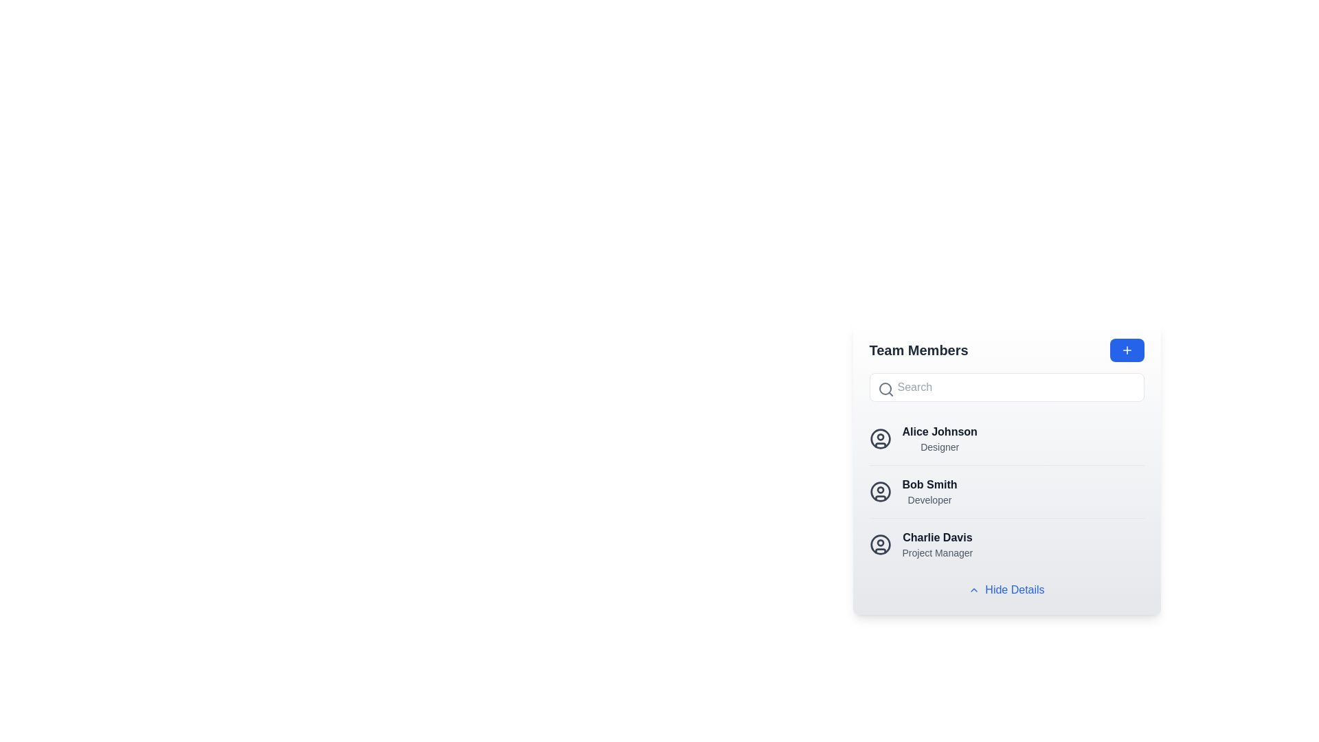 Image resolution: width=1319 pixels, height=742 pixels. I want to click on the user profile icon (circular avatar) for 'Bob Smith' in the 'Team Members' list, so click(880, 491).